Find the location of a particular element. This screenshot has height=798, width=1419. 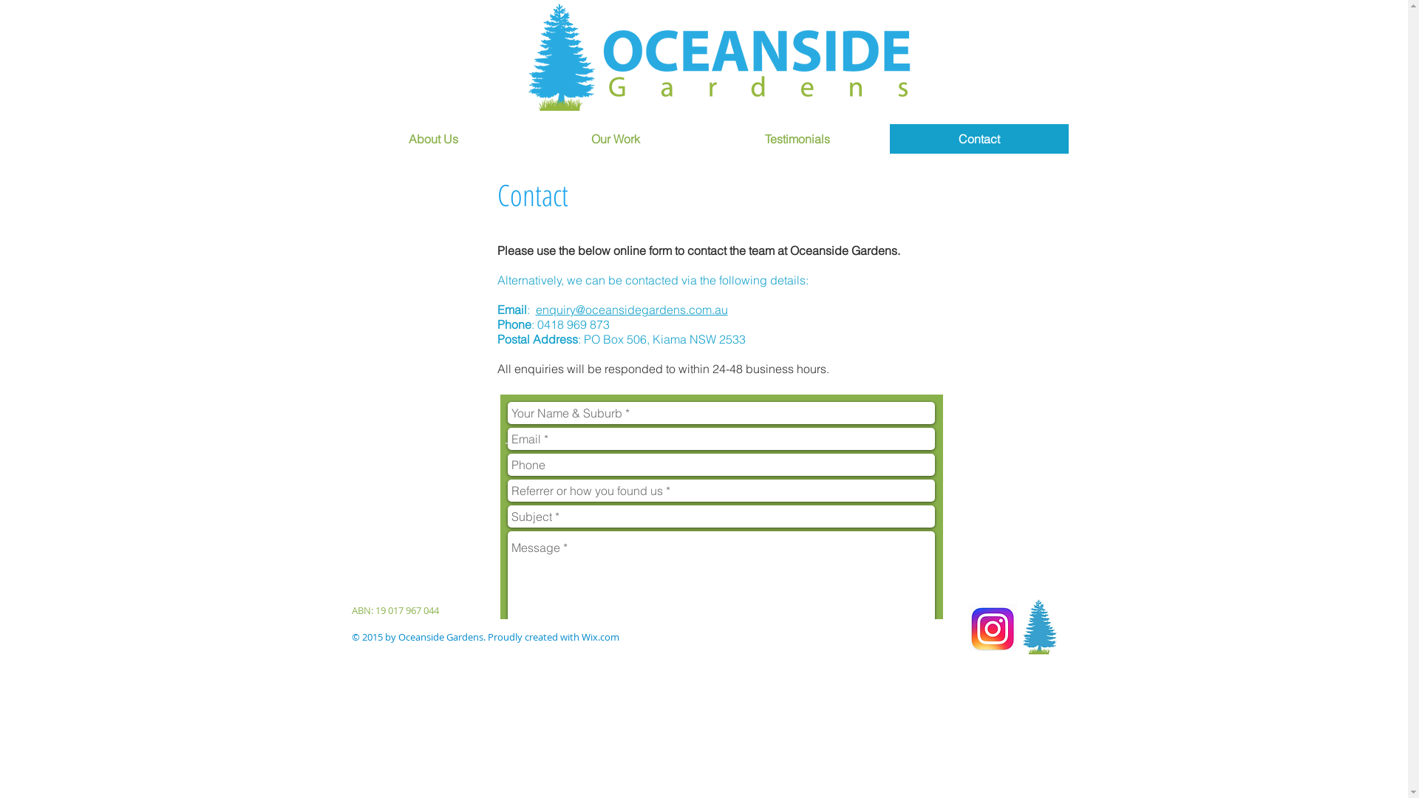

'Contact' is located at coordinates (979, 139).